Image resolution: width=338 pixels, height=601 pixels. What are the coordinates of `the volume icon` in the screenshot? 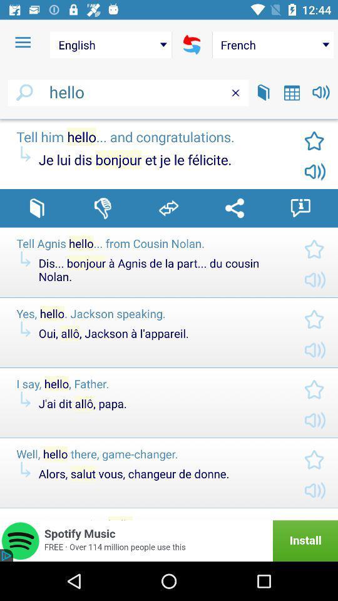 It's located at (321, 91).